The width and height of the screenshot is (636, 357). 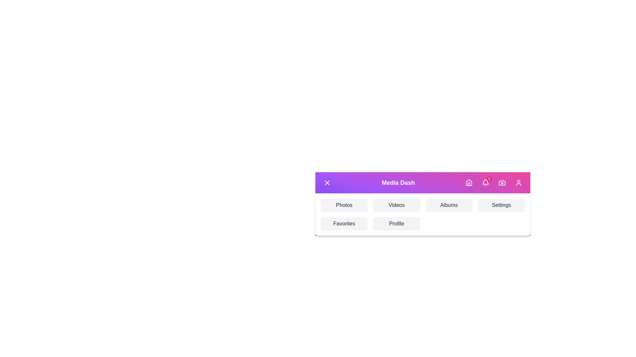 I want to click on the Notifications icon in the VibrantMediaAppBar, so click(x=485, y=182).